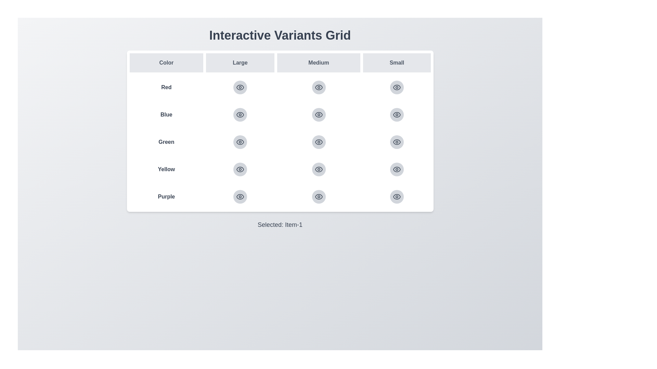 This screenshot has width=657, height=369. Describe the element at coordinates (318, 196) in the screenshot. I see `the Button with an eye icon located in the last row labeled 'Purple' under the column 'Medium'` at that location.